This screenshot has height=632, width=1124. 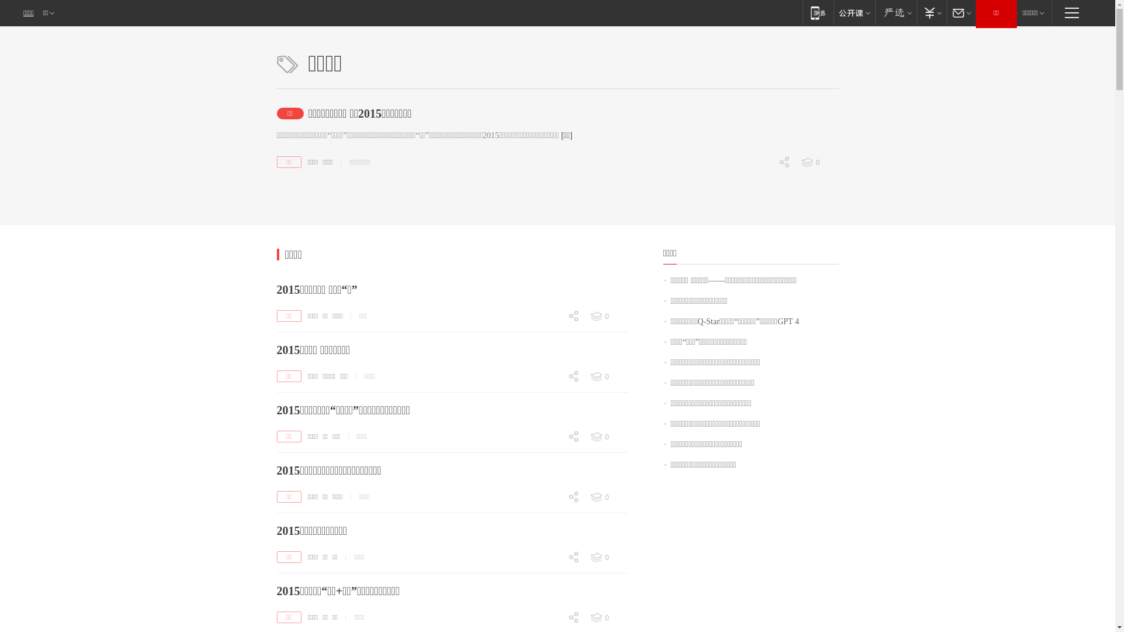 I want to click on '0', so click(x=608, y=617).